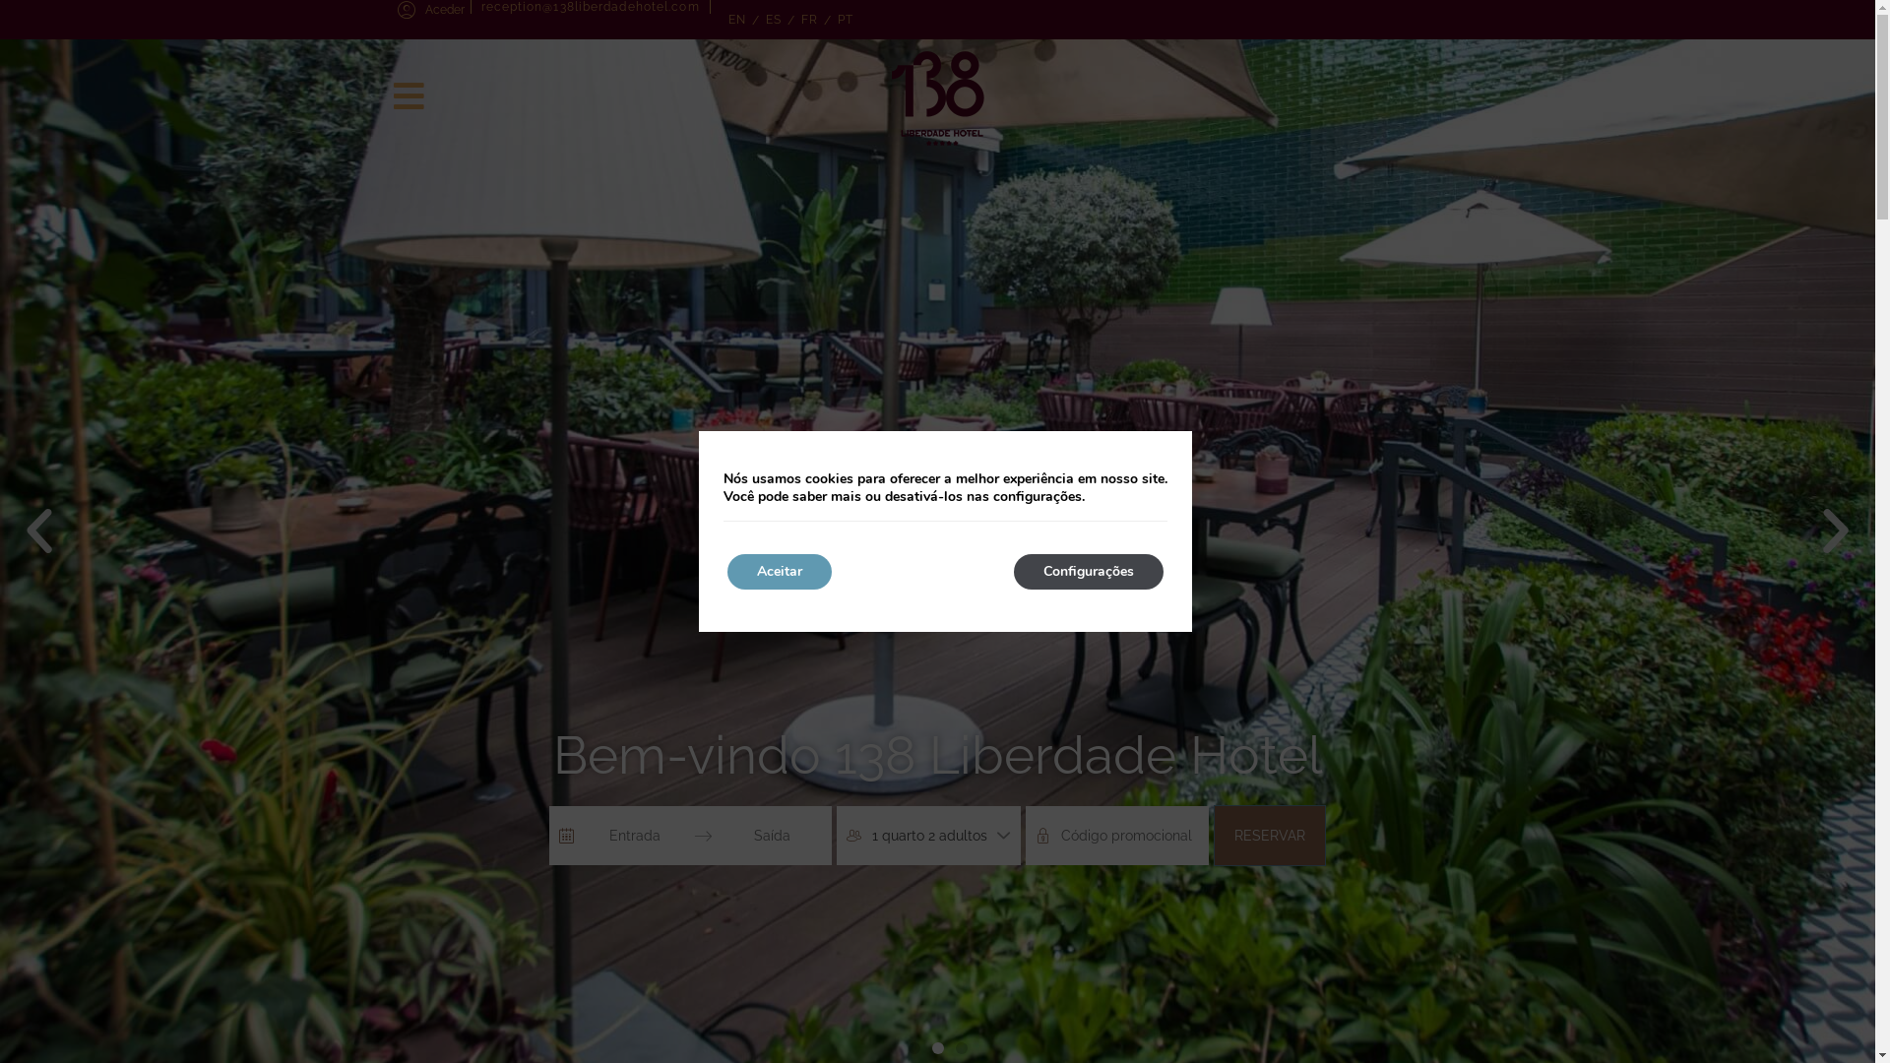  I want to click on 'ES', so click(773, 19).